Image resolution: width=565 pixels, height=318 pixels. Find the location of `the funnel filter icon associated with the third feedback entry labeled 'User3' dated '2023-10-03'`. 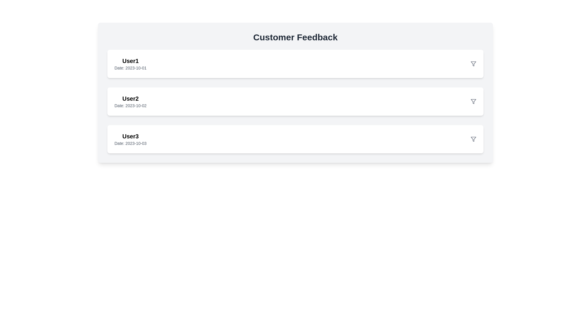

the funnel filter icon associated with the third feedback entry labeled 'User3' dated '2023-10-03' is located at coordinates (473, 101).